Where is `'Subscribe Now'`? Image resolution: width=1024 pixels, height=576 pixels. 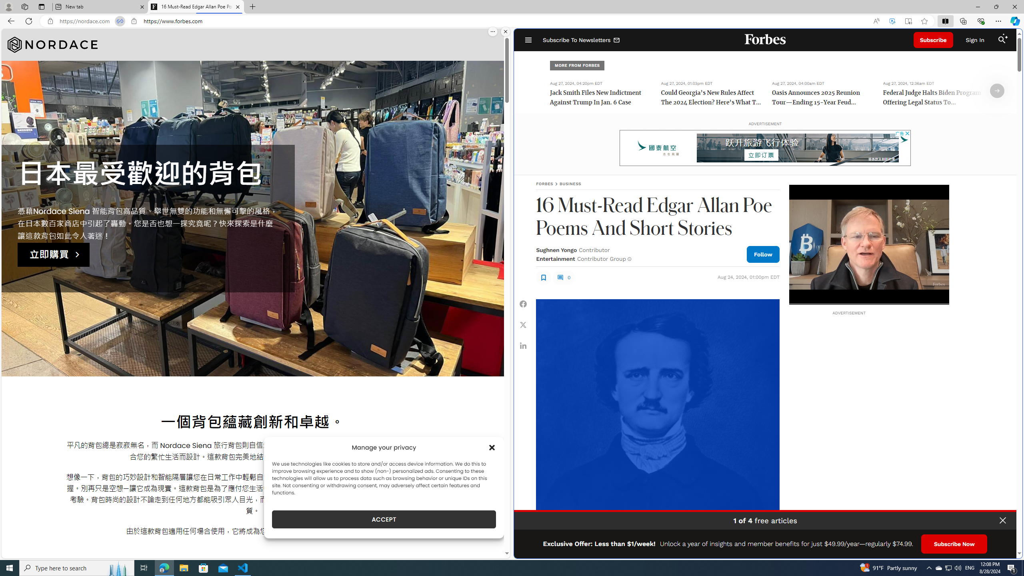 'Subscribe Now' is located at coordinates (954, 544).